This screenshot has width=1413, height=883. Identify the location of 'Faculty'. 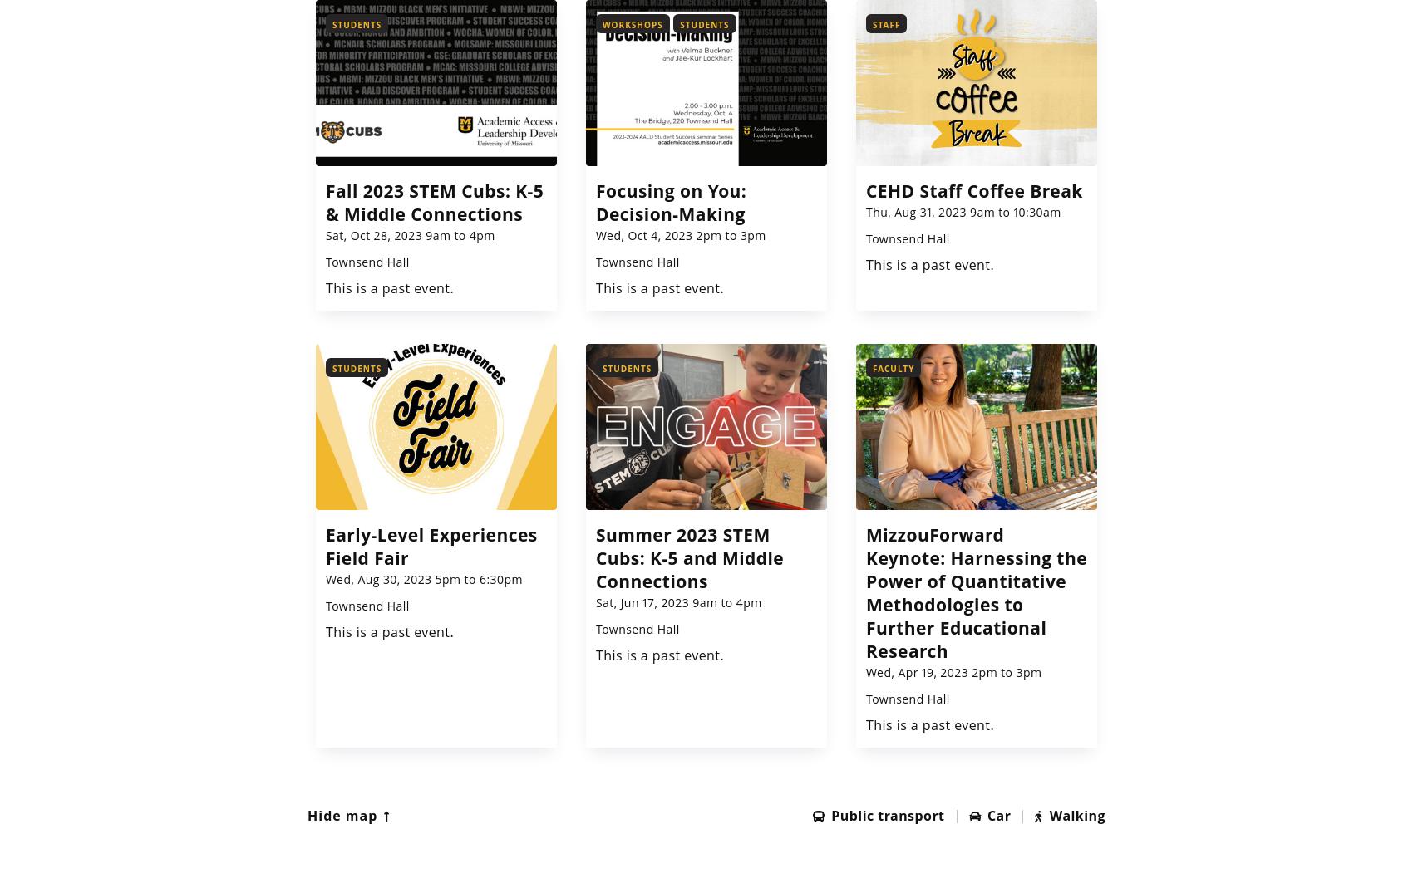
(894, 367).